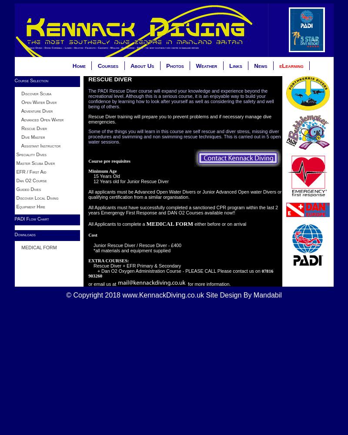 The height and width of the screenshot is (435, 348). I want to click on 'Advanced Open Water', so click(15, 119).